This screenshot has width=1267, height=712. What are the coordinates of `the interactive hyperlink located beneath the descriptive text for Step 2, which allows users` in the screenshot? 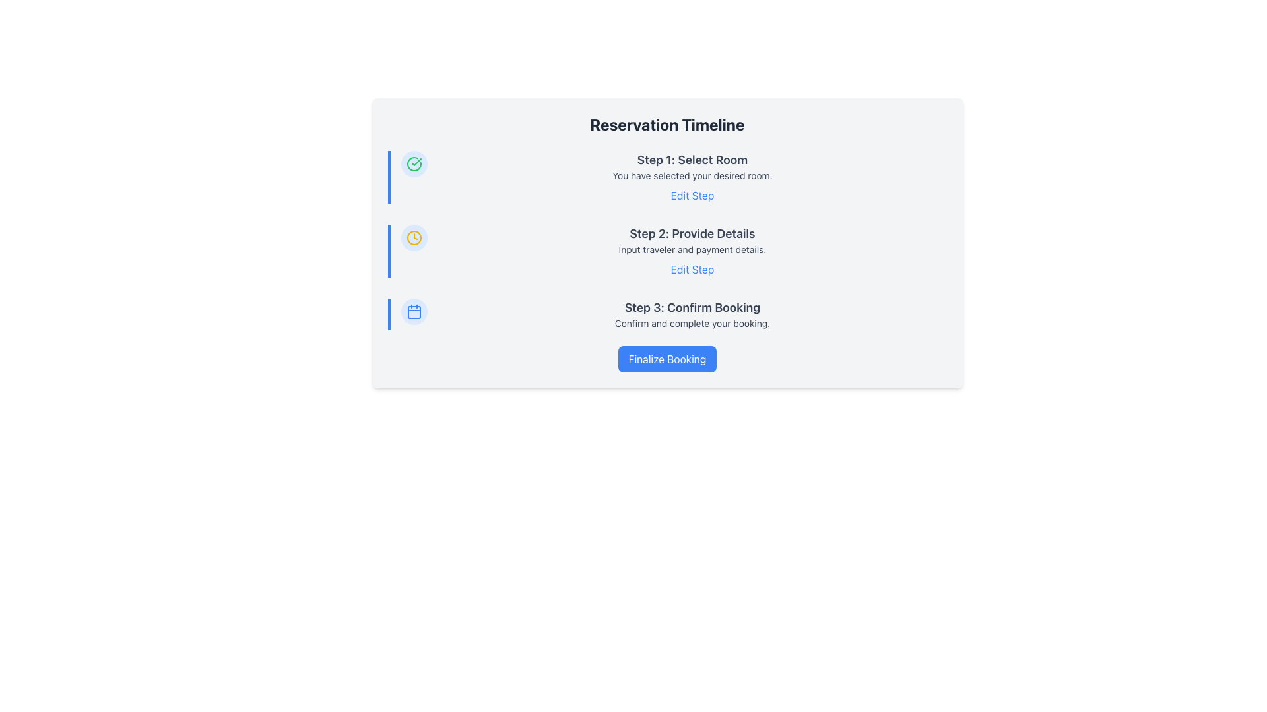 It's located at (692, 268).